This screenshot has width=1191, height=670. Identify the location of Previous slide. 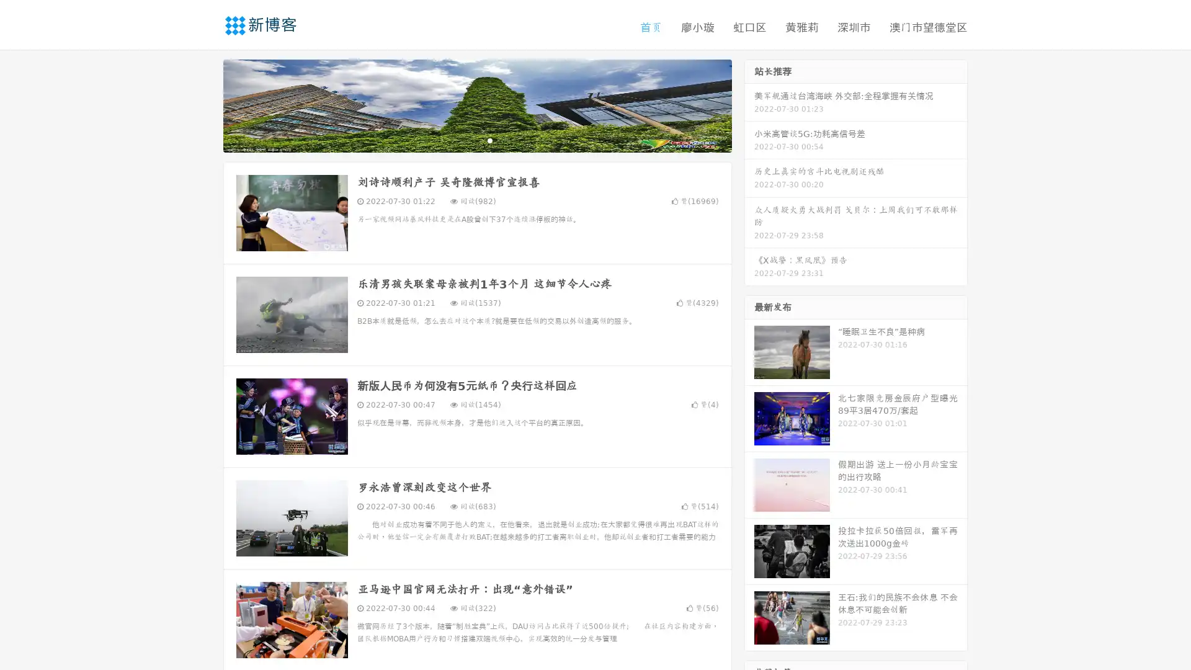
(205, 104).